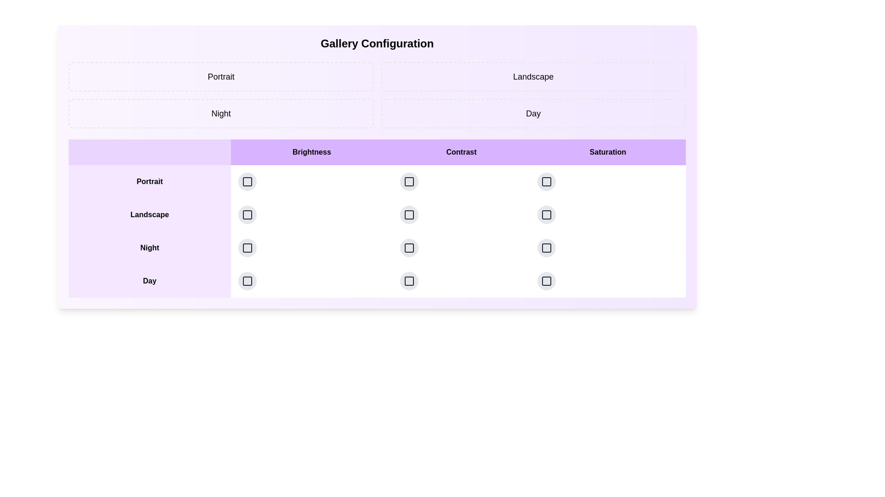 The width and height of the screenshot is (885, 497). What do you see at coordinates (247, 280) in the screenshot?
I see `the checkbox in the fourth row under the 'Brightness' column, aligned with the 'Day' label` at bounding box center [247, 280].